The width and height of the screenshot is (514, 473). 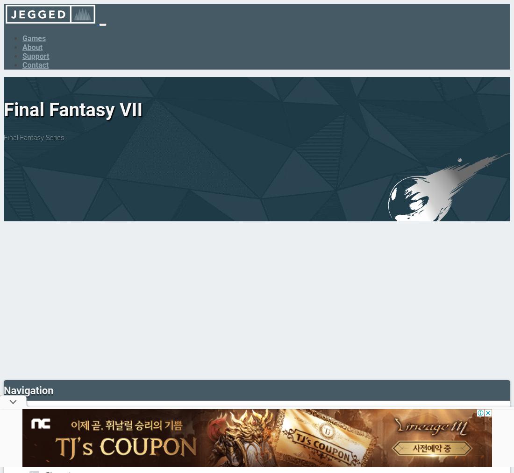 What do you see at coordinates (72, 109) in the screenshot?
I see `'Final Fantasy VII'` at bounding box center [72, 109].